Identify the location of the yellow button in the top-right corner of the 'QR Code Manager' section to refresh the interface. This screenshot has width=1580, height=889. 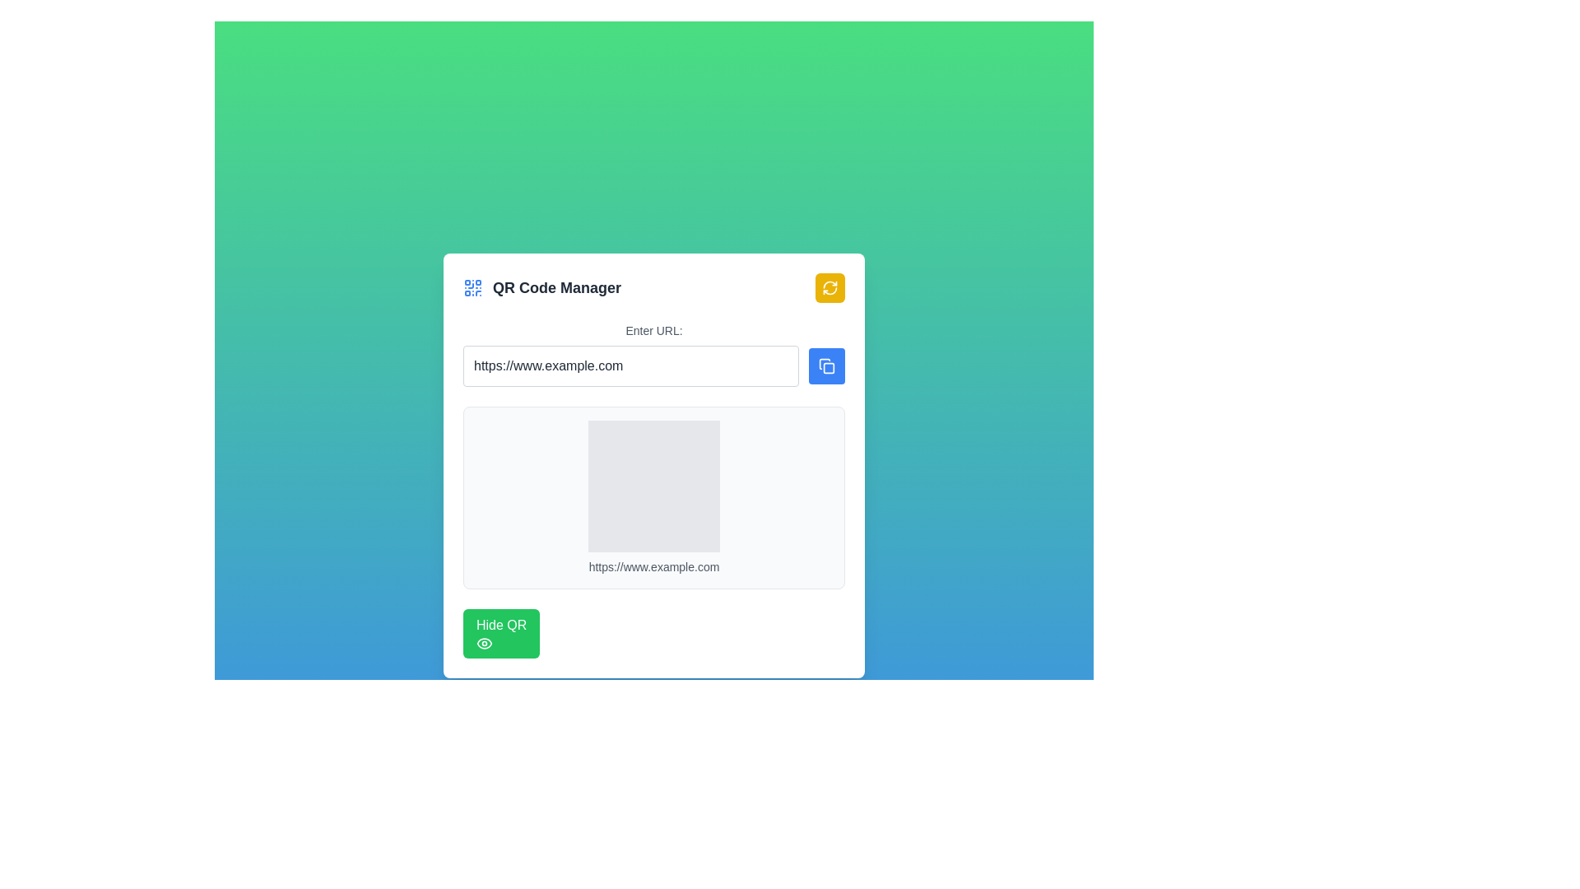
(829, 287).